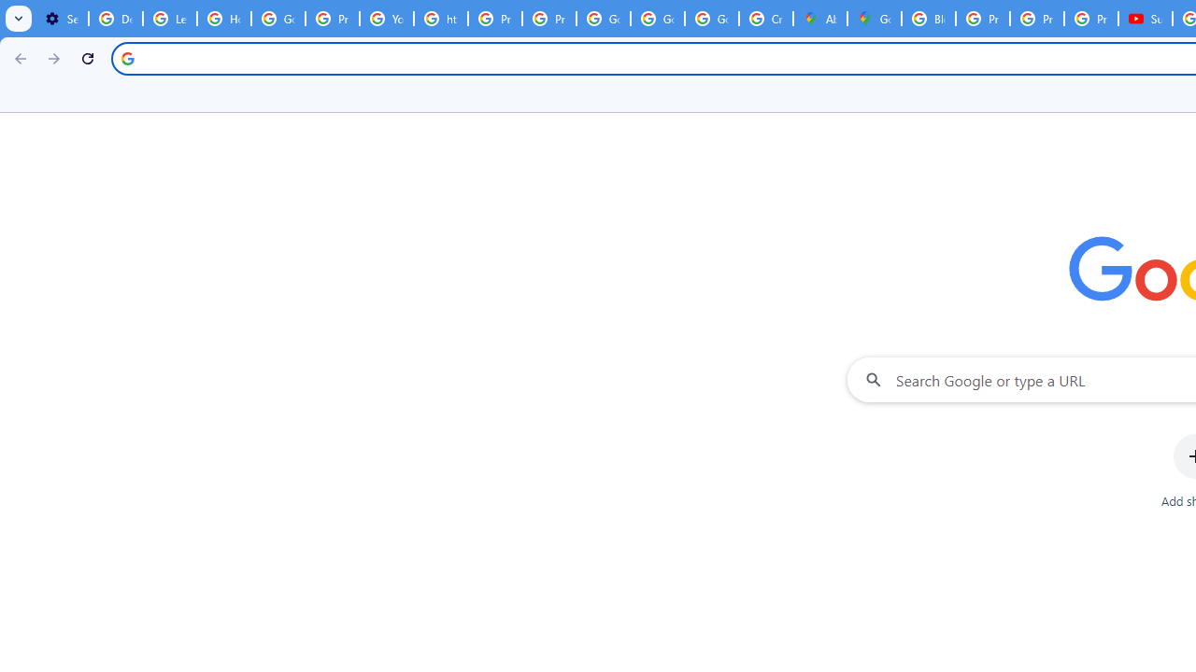 This screenshot has height=672, width=1196. I want to click on 'Back', so click(18, 57).